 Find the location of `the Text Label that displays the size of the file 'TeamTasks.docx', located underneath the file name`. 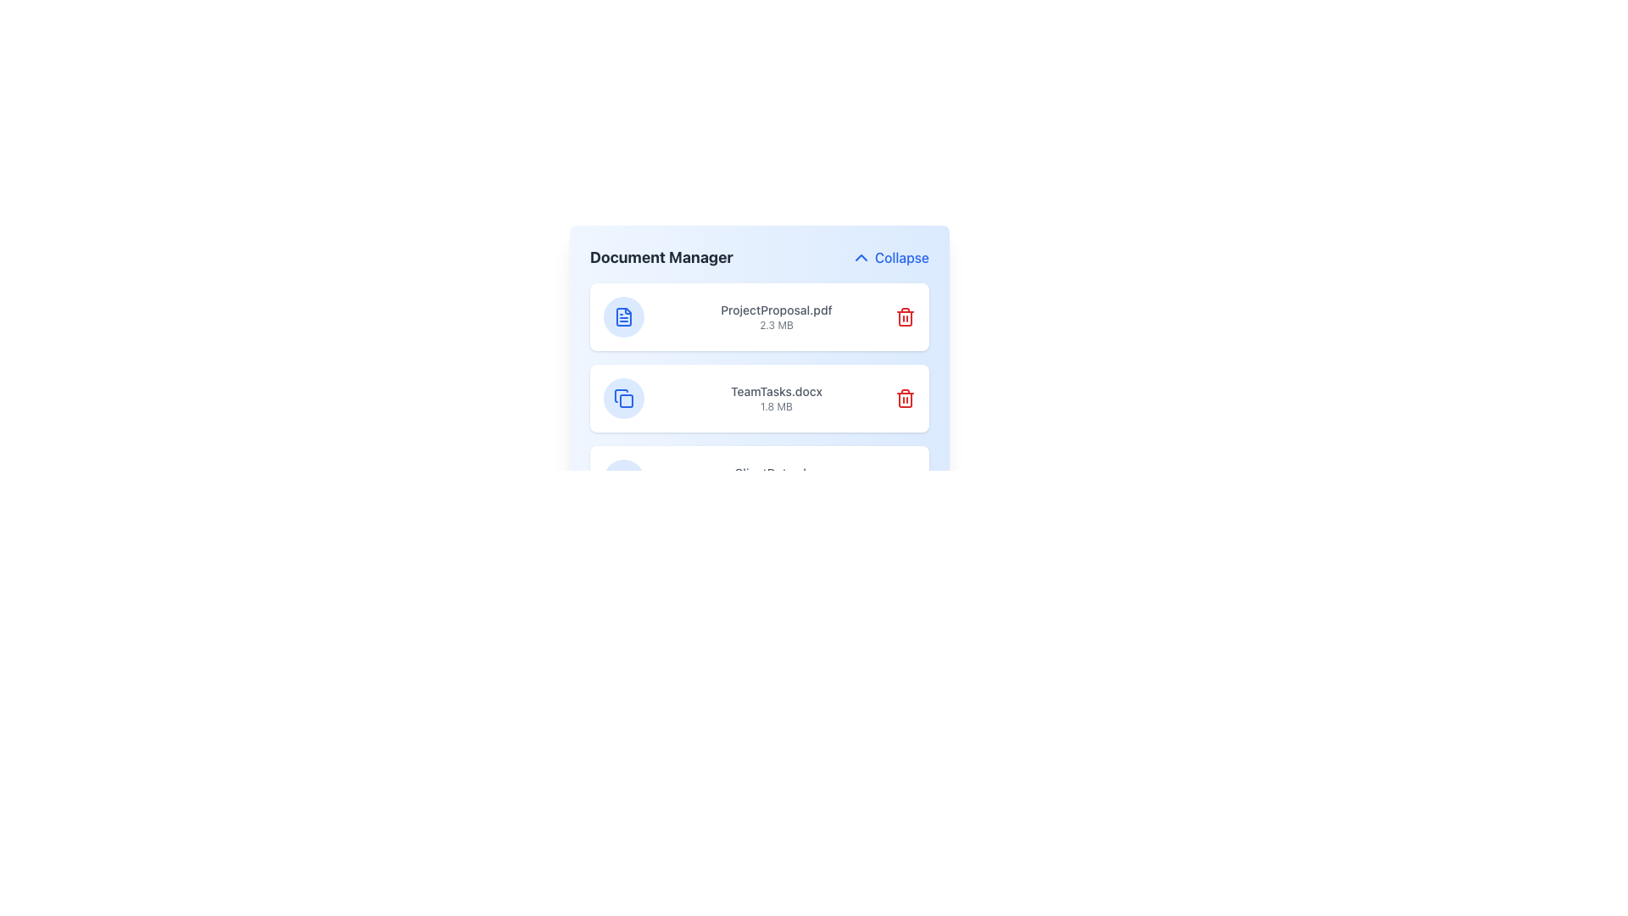

the Text Label that displays the size of the file 'TeamTasks.docx', located underneath the file name is located at coordinates (776, 406).